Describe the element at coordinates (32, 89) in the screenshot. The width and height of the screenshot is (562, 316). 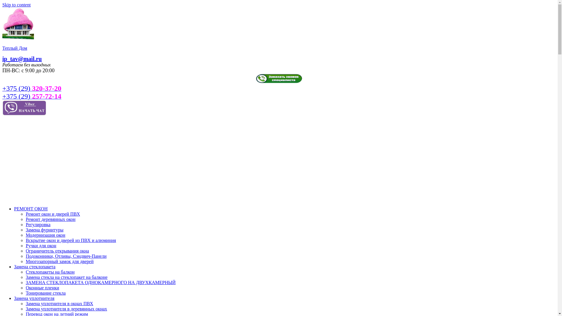
I see `'+375 (29) 320-37-20'` at that location.